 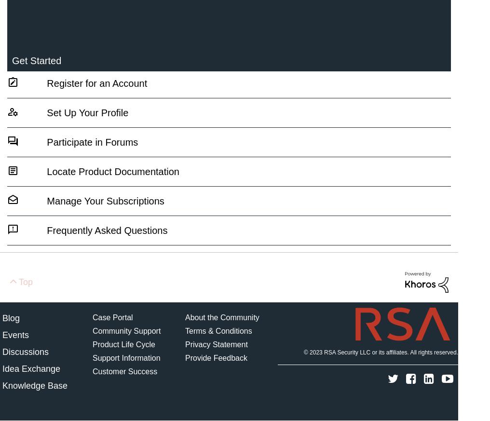 I want to click on 'Provide Feedback', so click(x=216, y=357).